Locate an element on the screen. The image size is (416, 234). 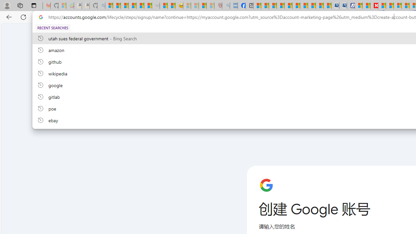
'Robert H. Shmerling, MD - Harvard Health - Sleeping' is located at coordinates (218, 6).